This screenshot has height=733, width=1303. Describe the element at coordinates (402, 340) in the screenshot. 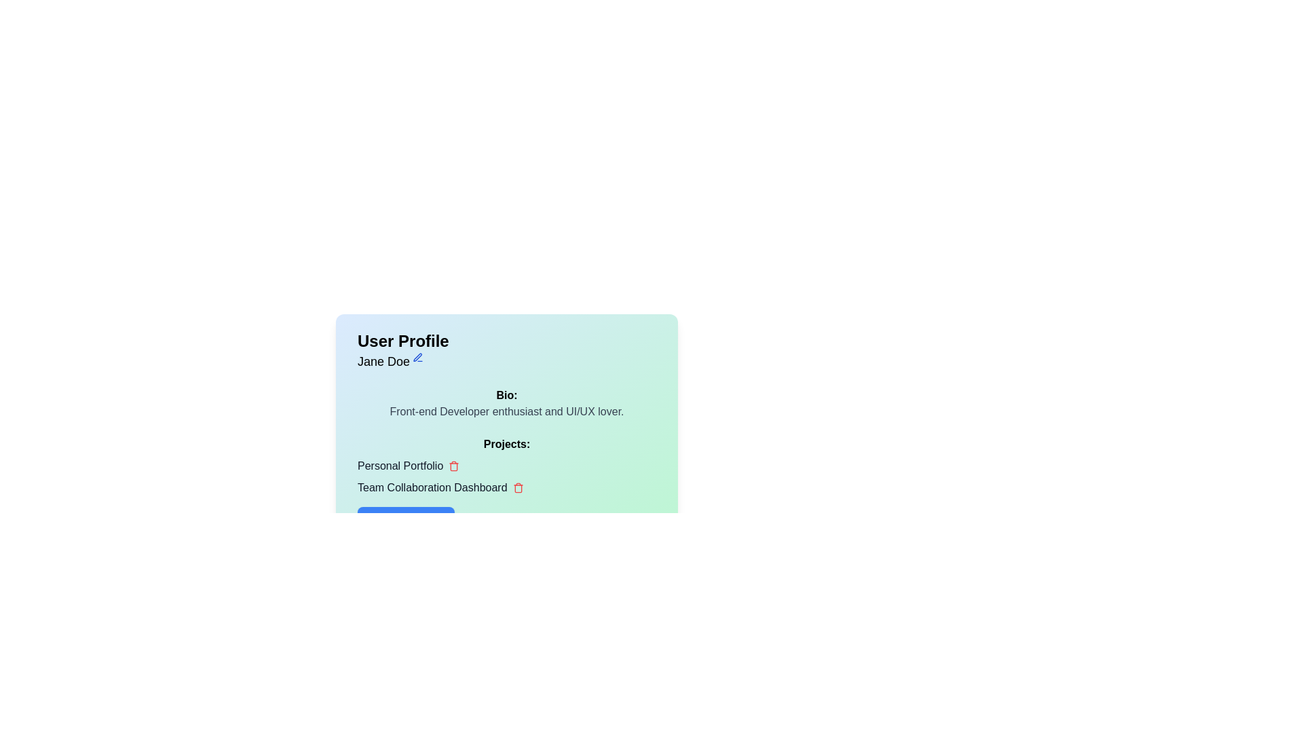

I see `the 'User Profile' text label, which is a bold and large font header aligned to the left at the top of the vertical stack of information` at that location.